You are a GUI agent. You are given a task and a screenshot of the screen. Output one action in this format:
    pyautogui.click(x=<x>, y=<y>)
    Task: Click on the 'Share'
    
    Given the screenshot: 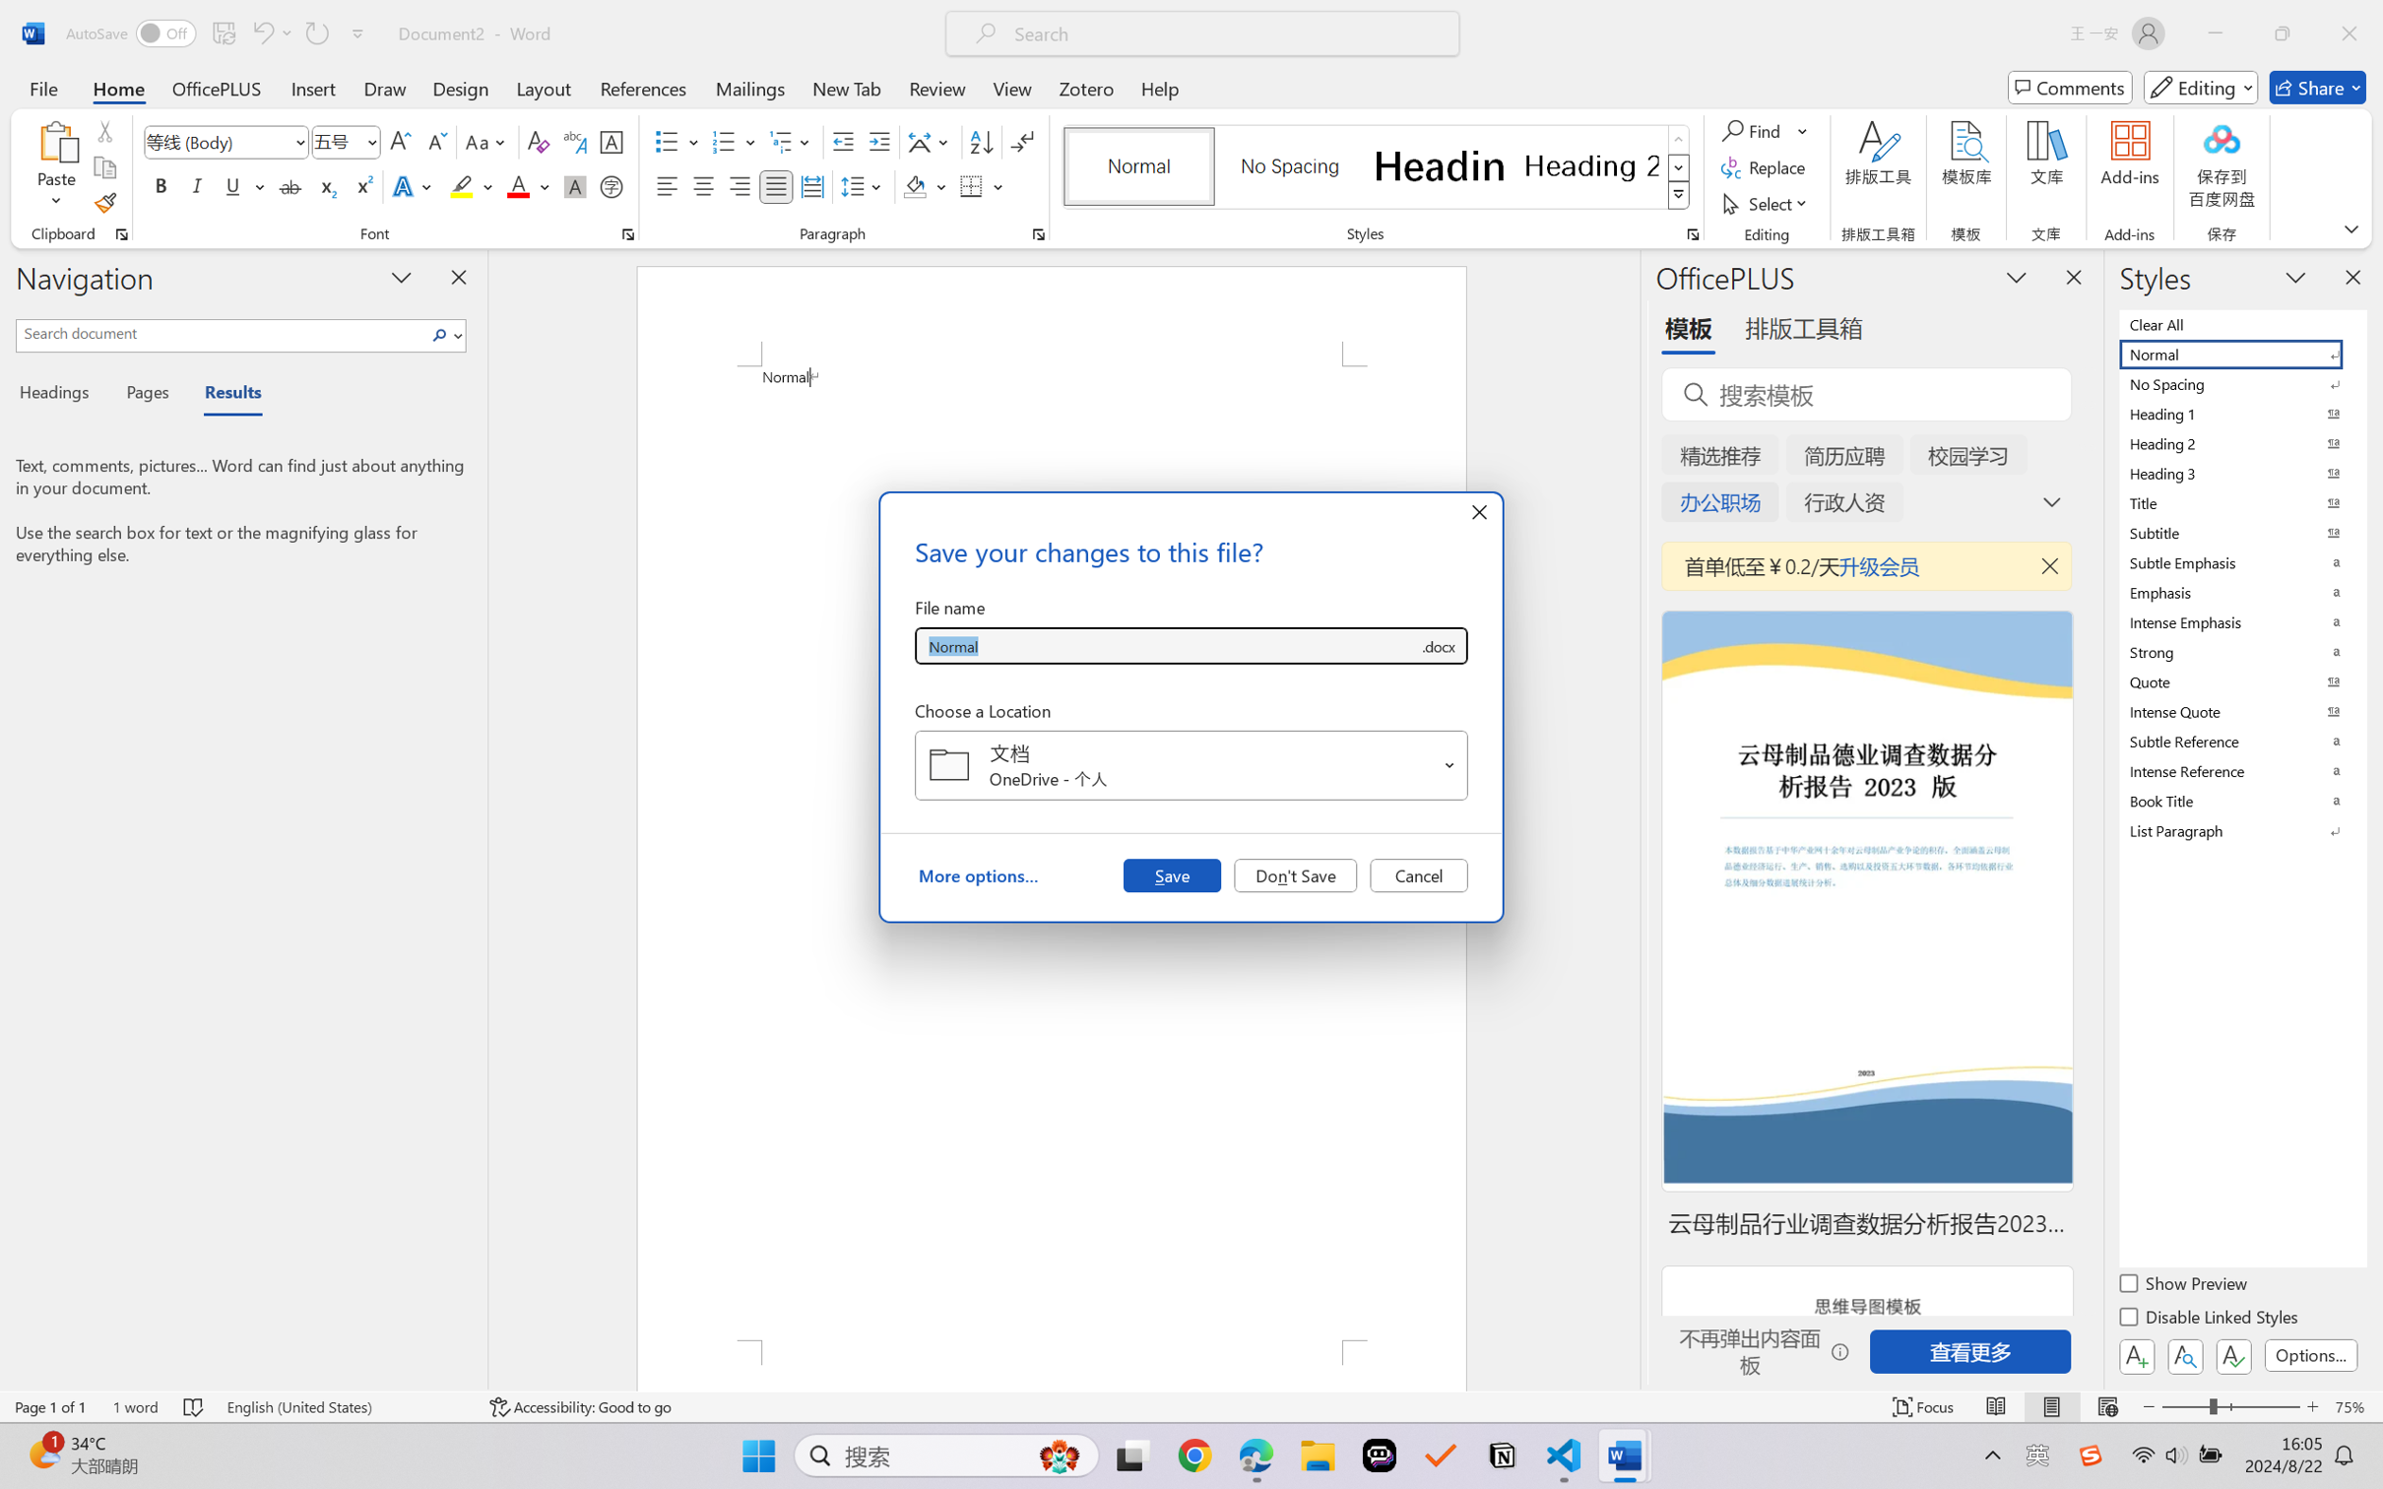 What is the action you would take?
    pyautogui.click(x=2316, y=87)
    